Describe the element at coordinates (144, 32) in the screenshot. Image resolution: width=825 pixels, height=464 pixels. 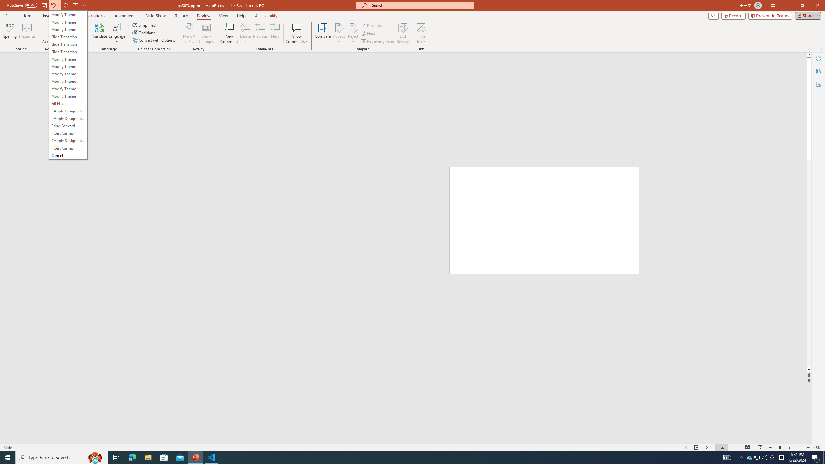
I see `'Traditional'` at that location.